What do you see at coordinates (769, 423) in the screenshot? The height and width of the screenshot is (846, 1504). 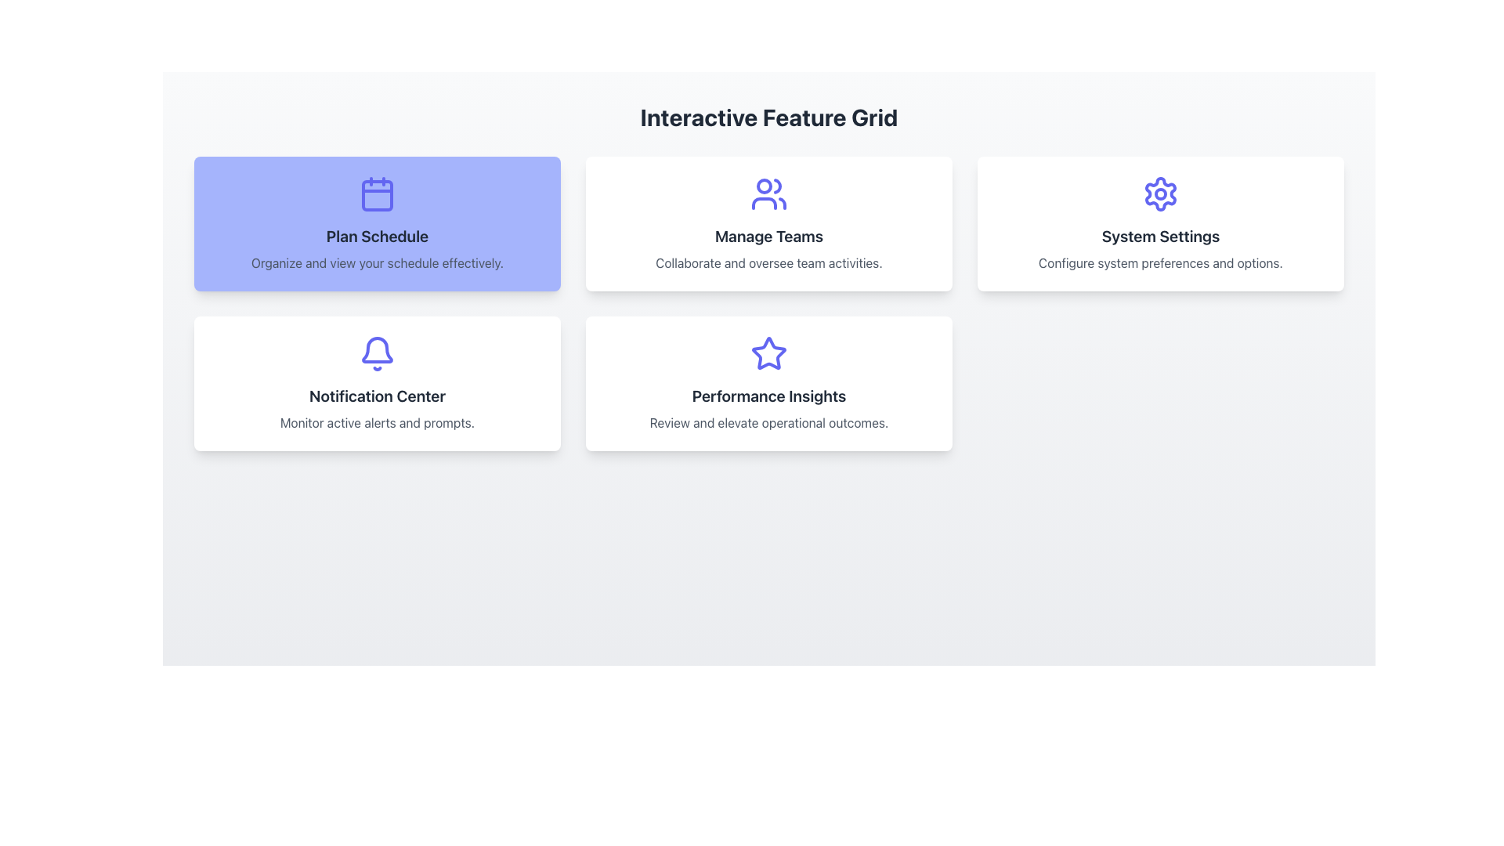 I see `the descriptive label that provides additional information about the 'Performance Insights' feature, located directly below the heading text 'Performance Insights.'` at bounding box center [769, 423].